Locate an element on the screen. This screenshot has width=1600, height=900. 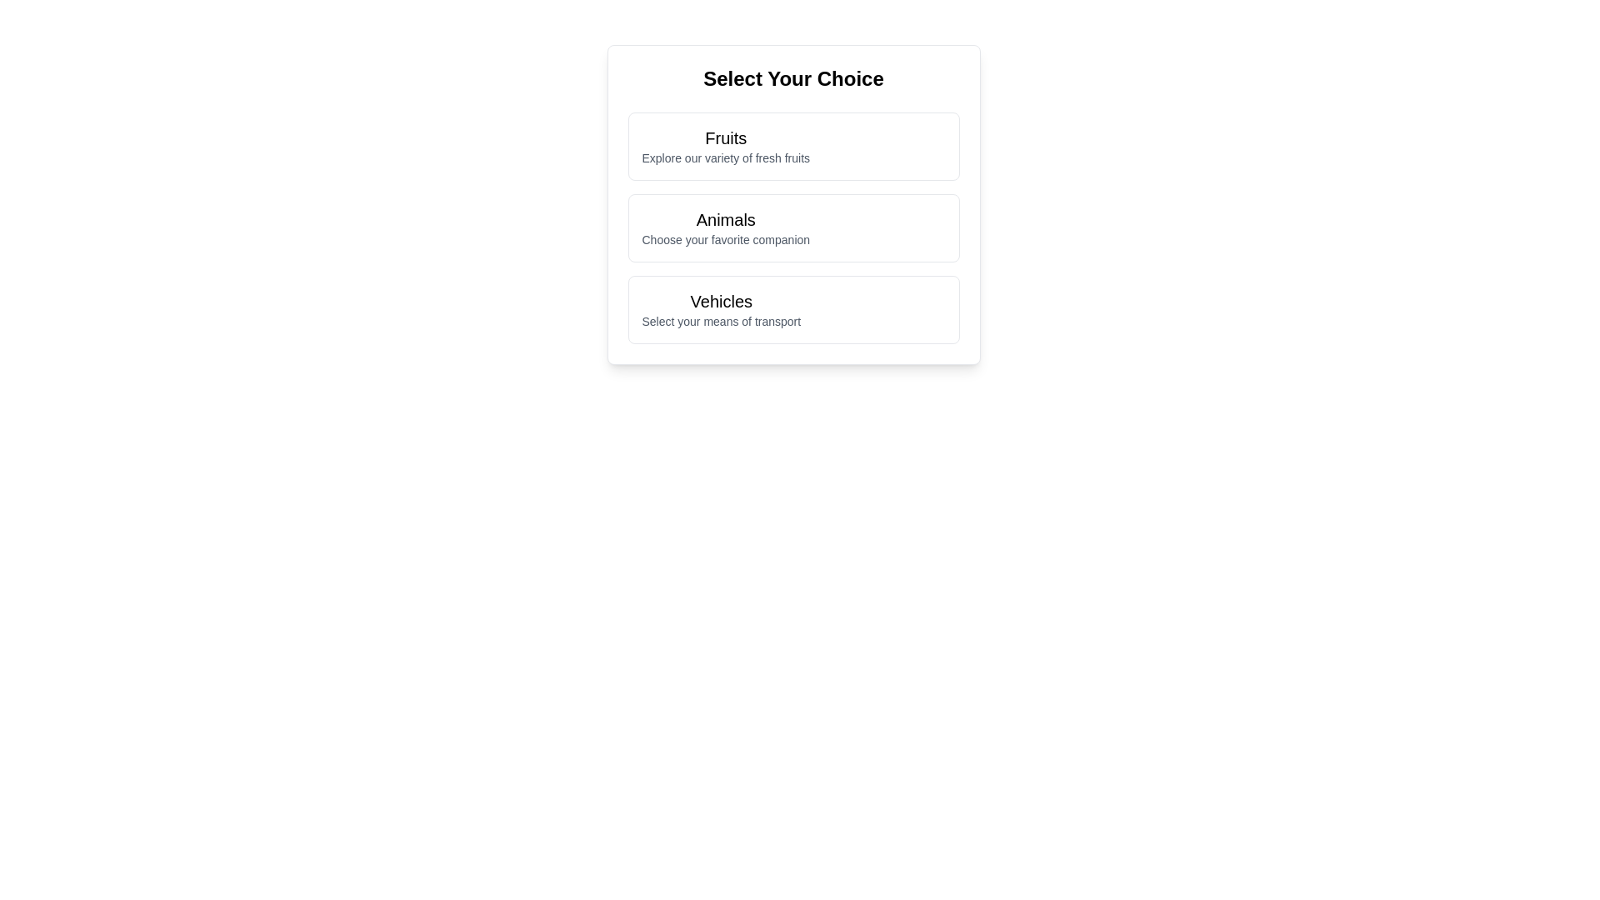
the clickable selection card labeled 'Vehicles' that contains the text 'Select your means of transport' underneath, which is located at the bottom of a list of three sections is located at coordinates (792, 309).